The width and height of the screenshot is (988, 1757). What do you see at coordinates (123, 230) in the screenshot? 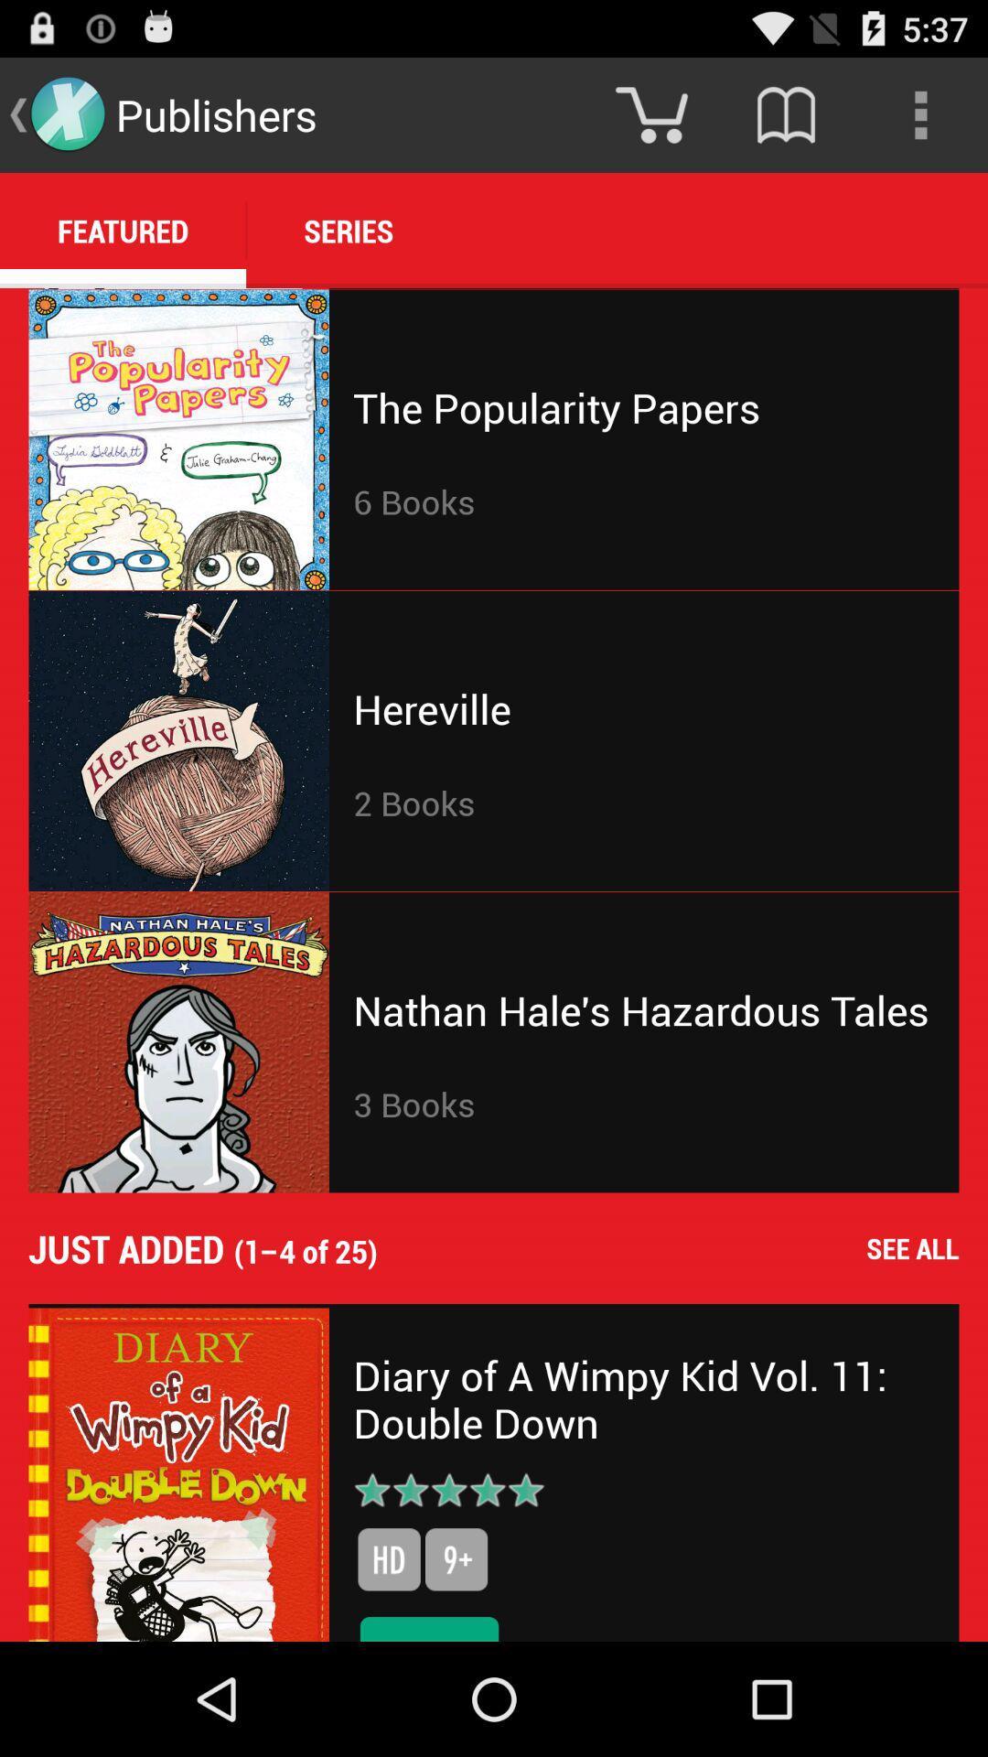
I see `item to the left of the series icon` at bounding box center [123, 230].